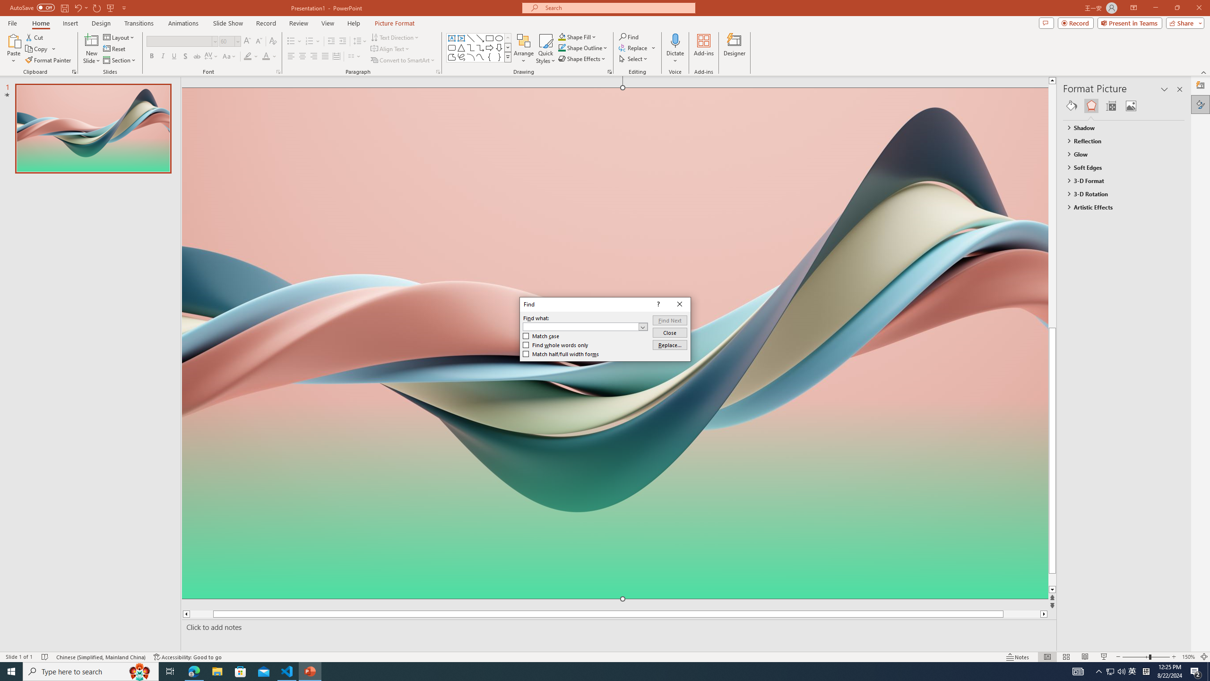 The image size is (1210, 681). I want to click on 'Bold', so click(152, 56).